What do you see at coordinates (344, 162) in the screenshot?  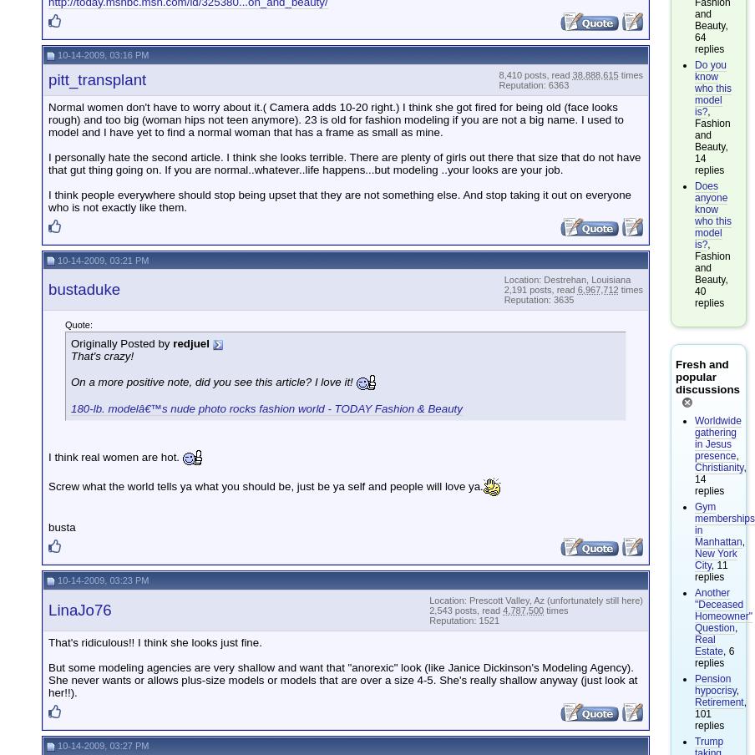 I see `'I personally hate the second article. I think she looks terrible. There are plenty of girls out there that size that do not have that gut thing going on. If you are normal..whatever..life happens...but modeling ..your looks are your job.'` at bounding box center [344, 162].